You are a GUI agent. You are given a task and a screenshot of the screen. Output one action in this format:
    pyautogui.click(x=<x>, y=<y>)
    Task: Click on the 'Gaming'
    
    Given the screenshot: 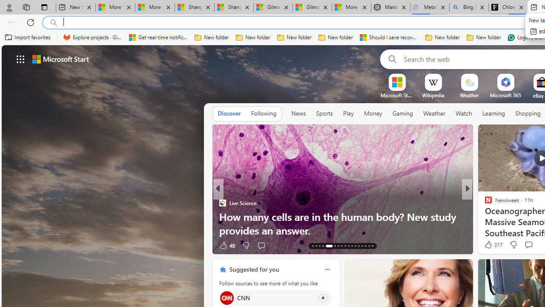 What is the action you would take?
    pyautogui.click(x=402, y=113)
    